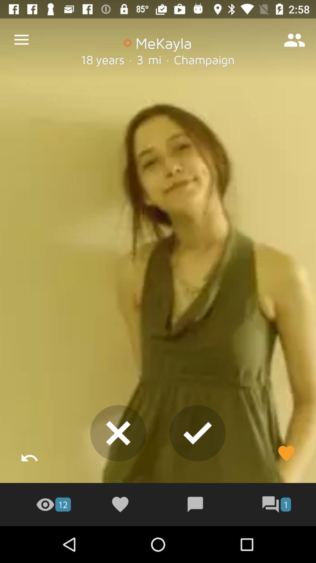 This screenshot has width=316, height=563. Describe the element at coordinates (118, 433) in the screenshot. I see `the close icon` at that location.